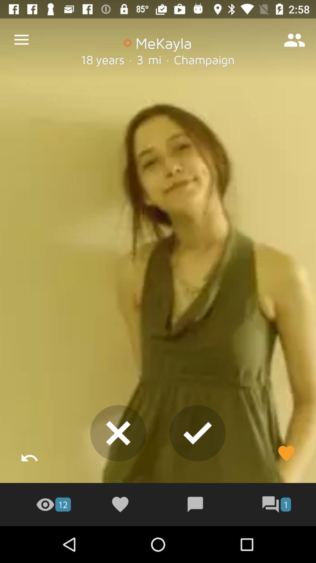 This screenshot has width=316, height=563. Describe the element at coordinates (118, 433) in the screenshot. I see `the close icon` at that location.